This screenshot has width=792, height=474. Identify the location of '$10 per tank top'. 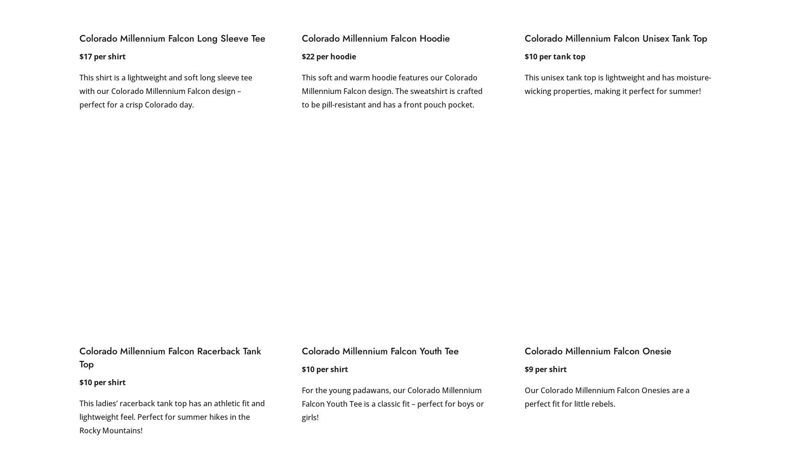
(555, 56).